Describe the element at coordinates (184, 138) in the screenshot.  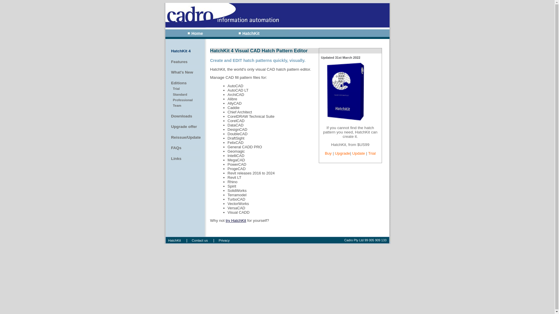
I see `'Reissue/Update'` at that location.